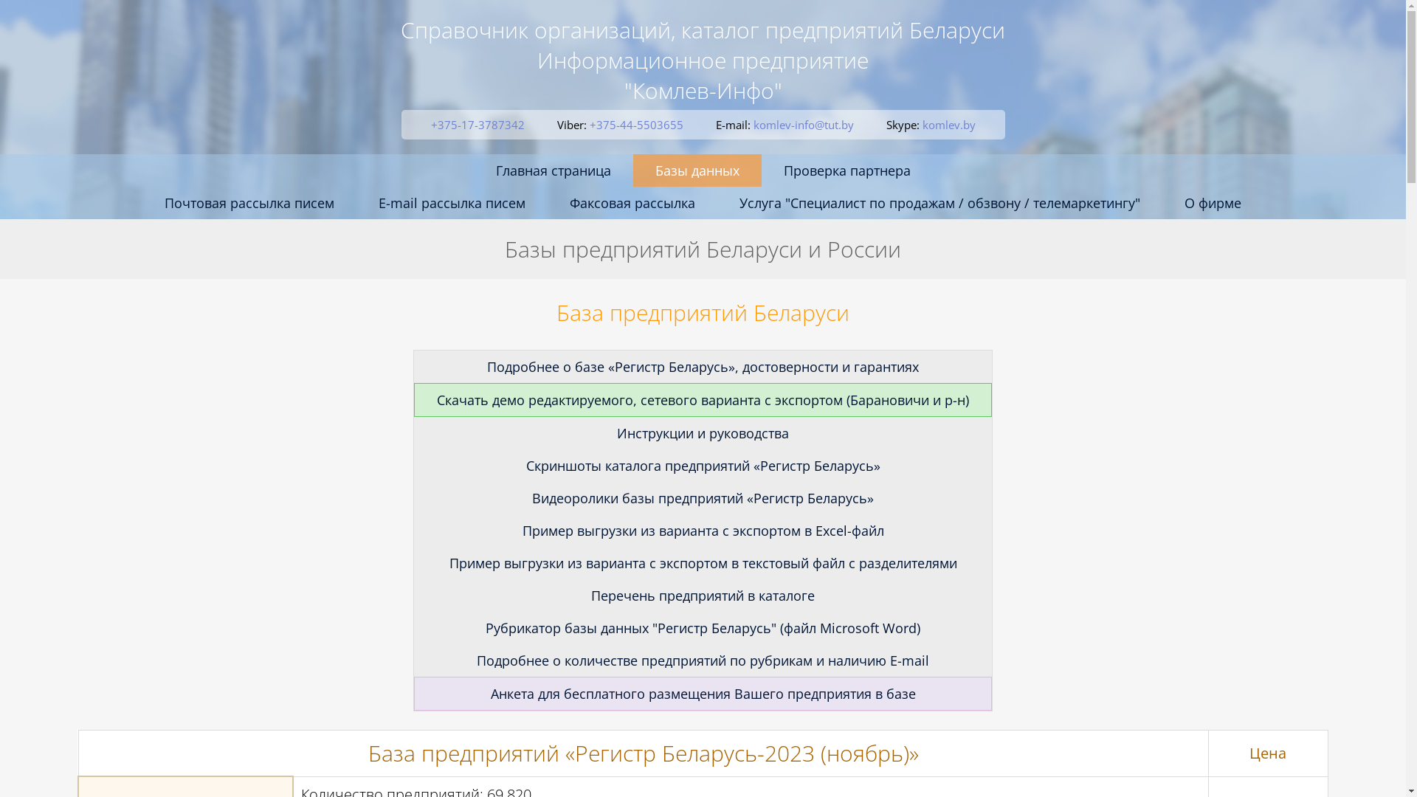  What do you see at coordinates (949, 124) in the screenshot?
I see `'komlev.by'` at bounding box center [949, 124].